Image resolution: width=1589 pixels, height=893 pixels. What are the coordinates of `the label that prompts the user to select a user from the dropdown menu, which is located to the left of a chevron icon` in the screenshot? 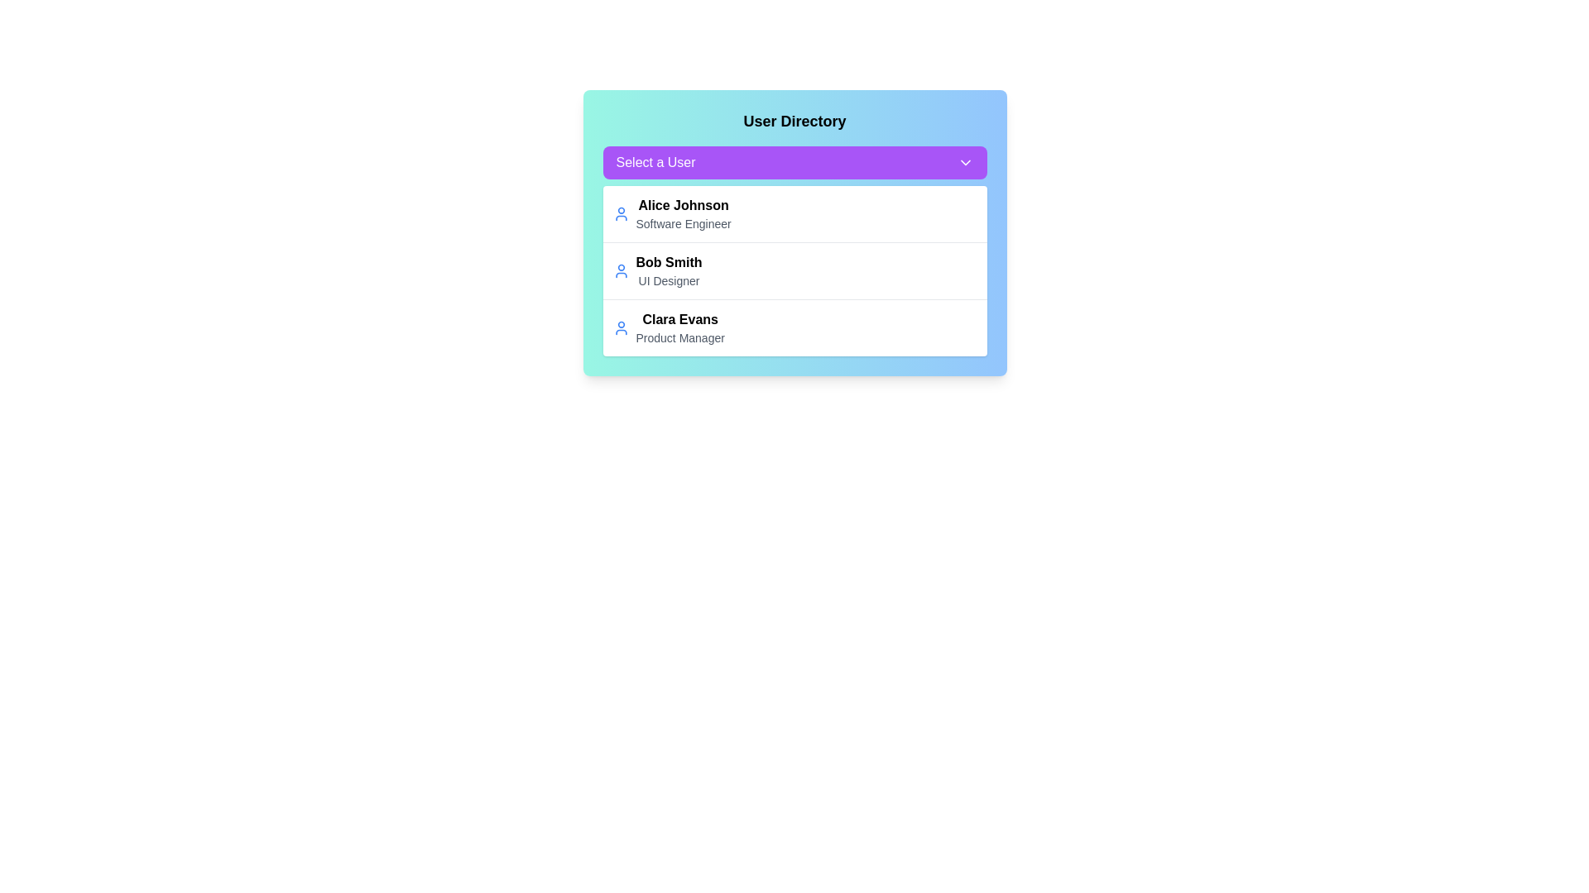 It's located at (655, 162).